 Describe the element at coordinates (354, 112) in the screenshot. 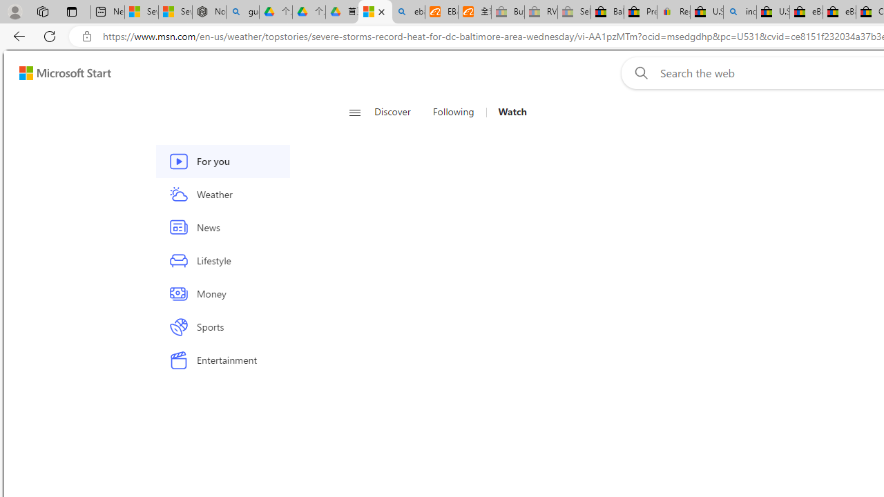

I see `'Class: button-glyph'` at that location.